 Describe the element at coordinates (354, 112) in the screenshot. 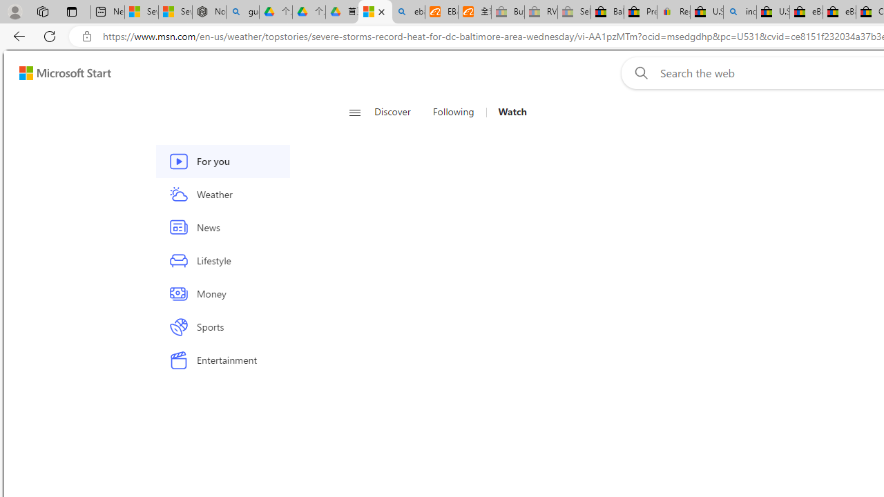

I see `'Class: button-glyph'` at that location.